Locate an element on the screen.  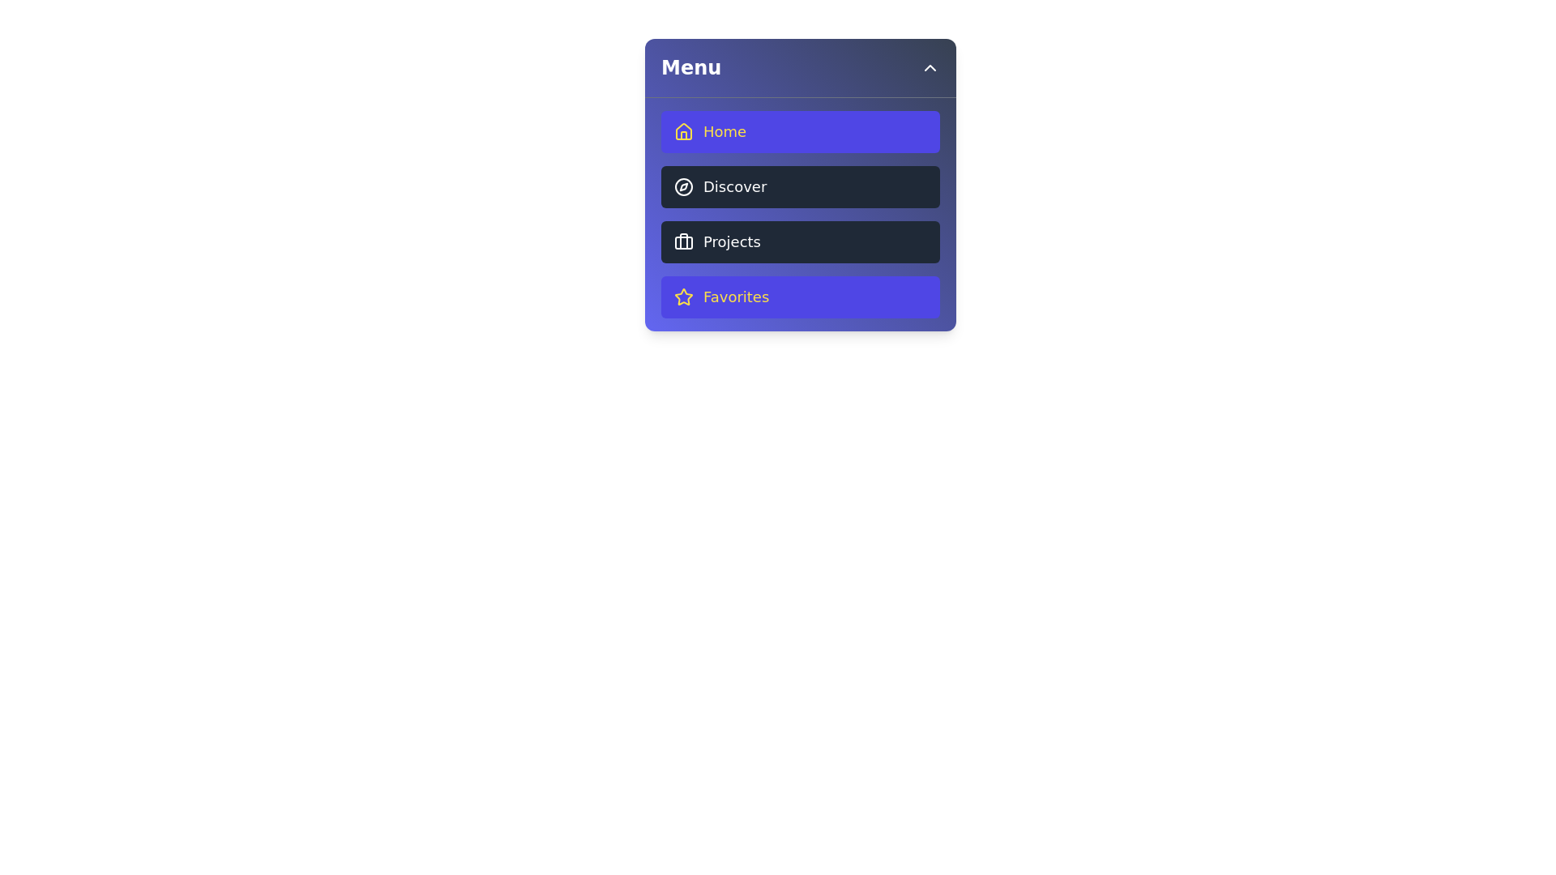
the menu item Home to observe its hover effect is located at coordinates (801, 130).